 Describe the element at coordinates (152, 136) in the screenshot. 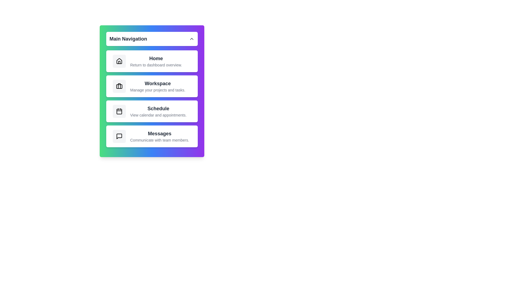

I see `the navigation item Messages to observe the hover effect` at that location.